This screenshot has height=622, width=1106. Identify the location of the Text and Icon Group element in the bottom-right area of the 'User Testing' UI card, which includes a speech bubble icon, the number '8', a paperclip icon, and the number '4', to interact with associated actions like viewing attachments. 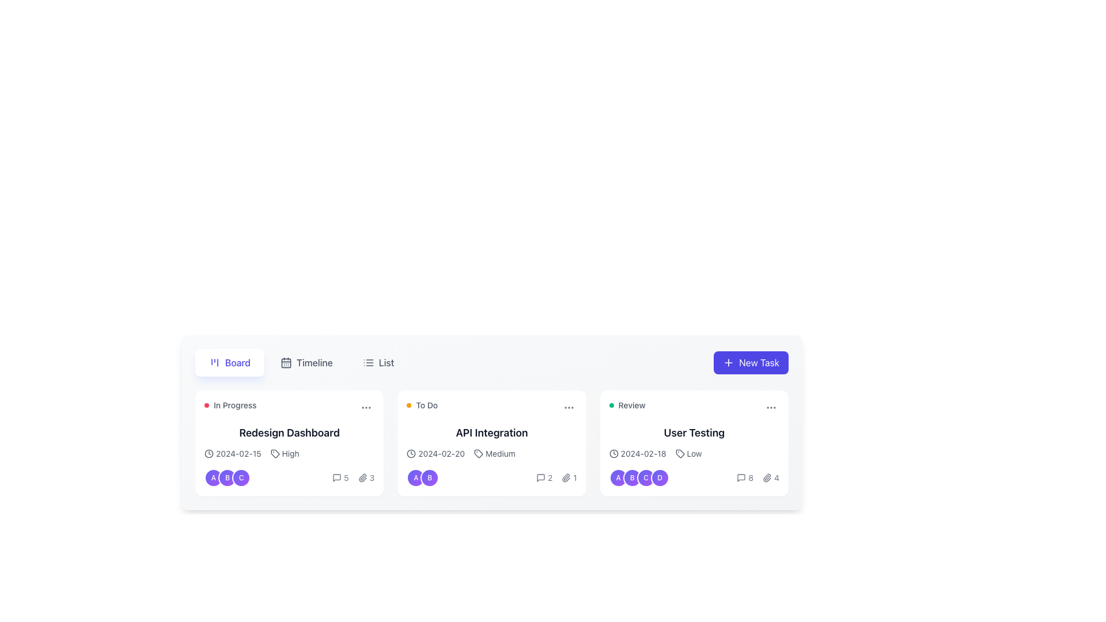
(758, 477).